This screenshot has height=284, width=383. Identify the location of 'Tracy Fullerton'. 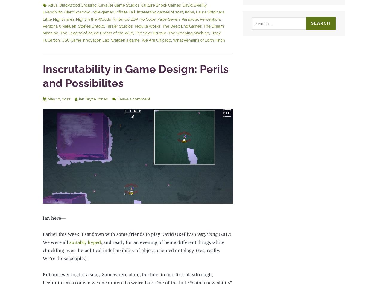
(131, 36).